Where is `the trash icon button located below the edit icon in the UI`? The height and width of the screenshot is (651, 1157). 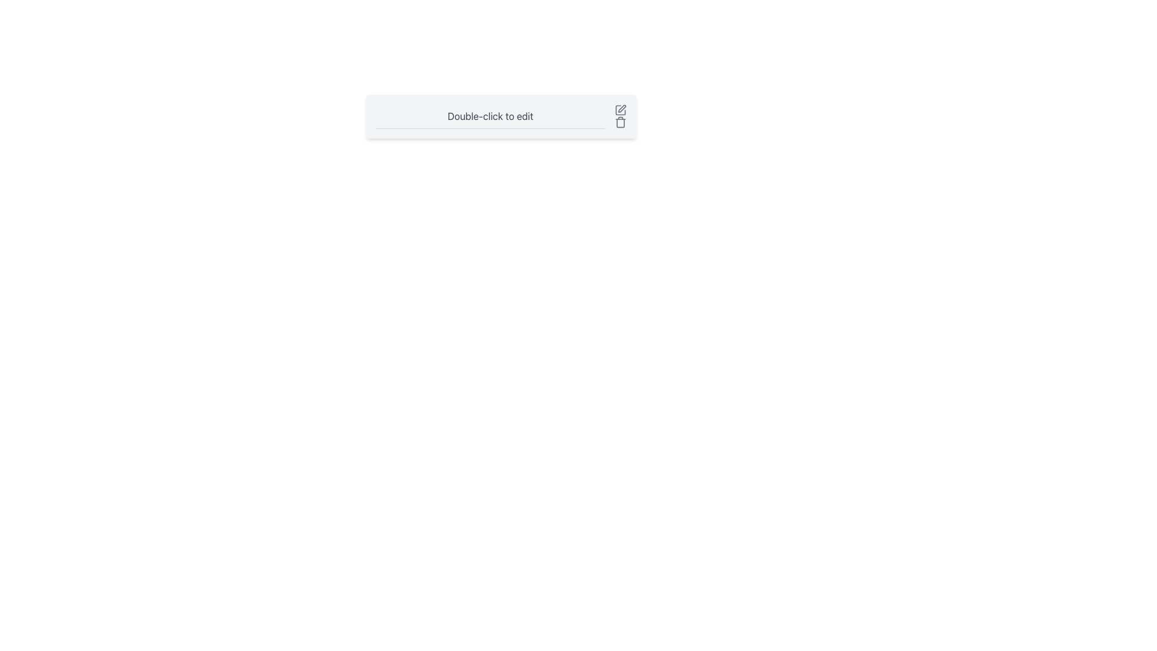
the trash icon button located below the edit icon in the UI is located at coordinates (621, 122).